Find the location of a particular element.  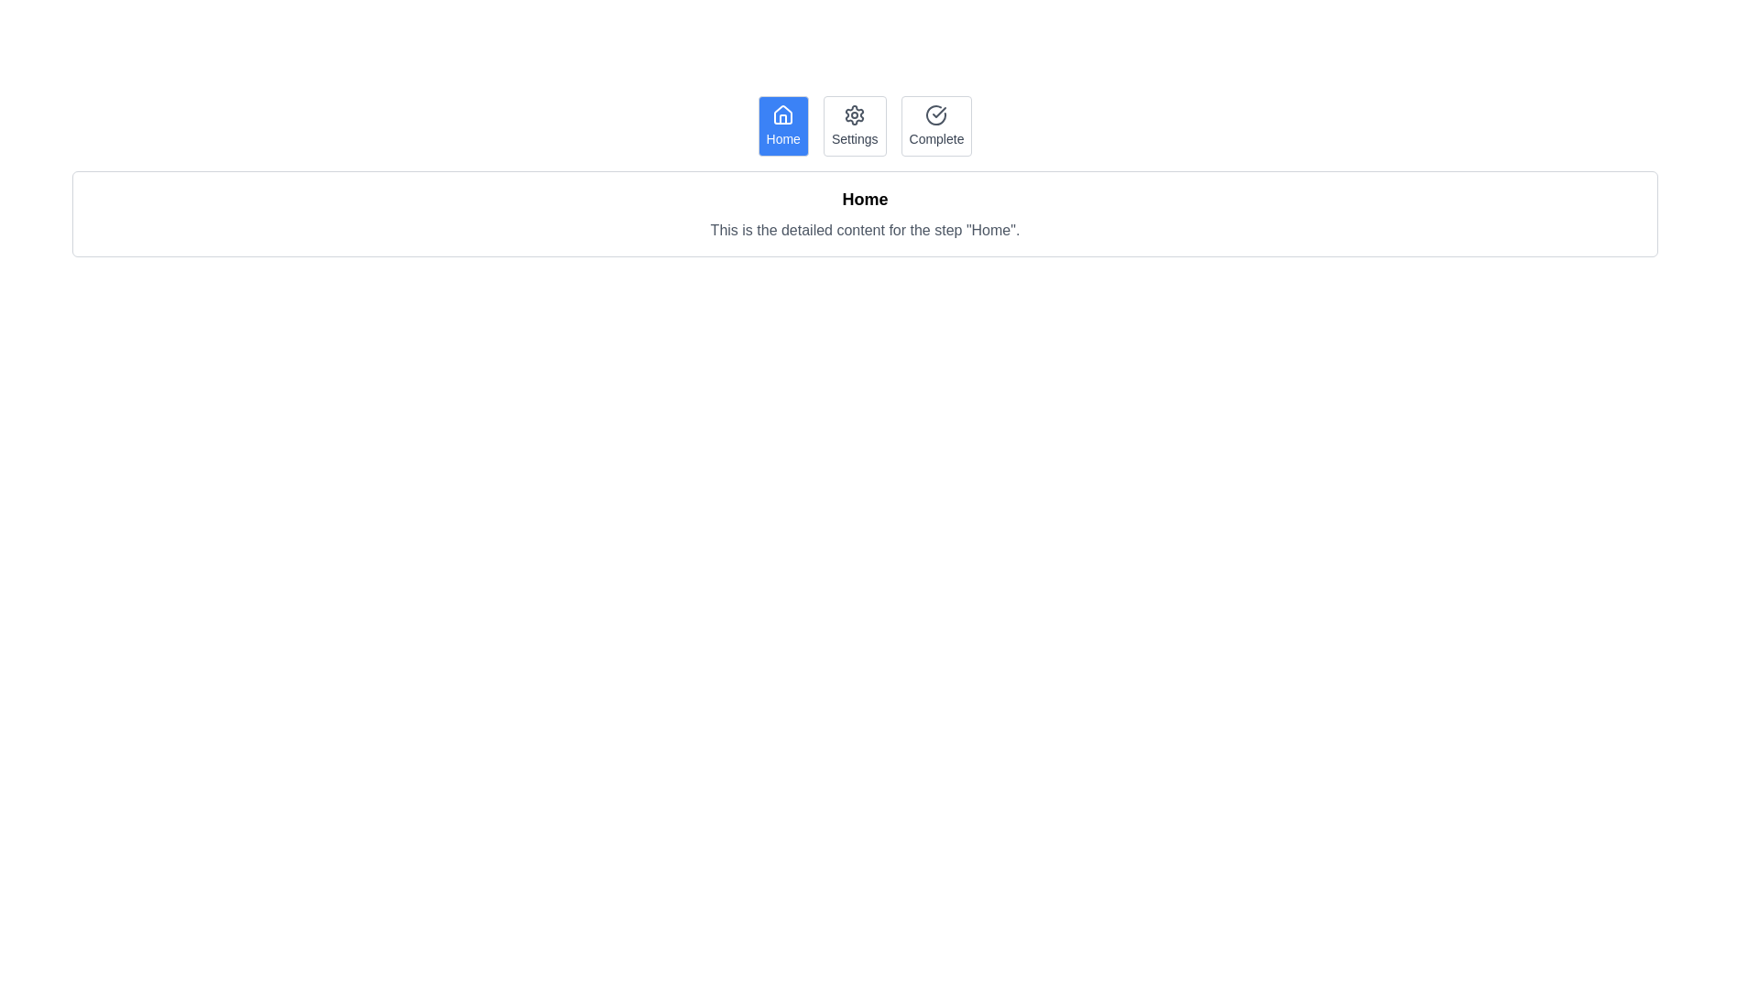

the 'Settings' text label located in the second button of the navigation bar, positioned between the Home and Complete buttons is located at coordinates (854, 137).